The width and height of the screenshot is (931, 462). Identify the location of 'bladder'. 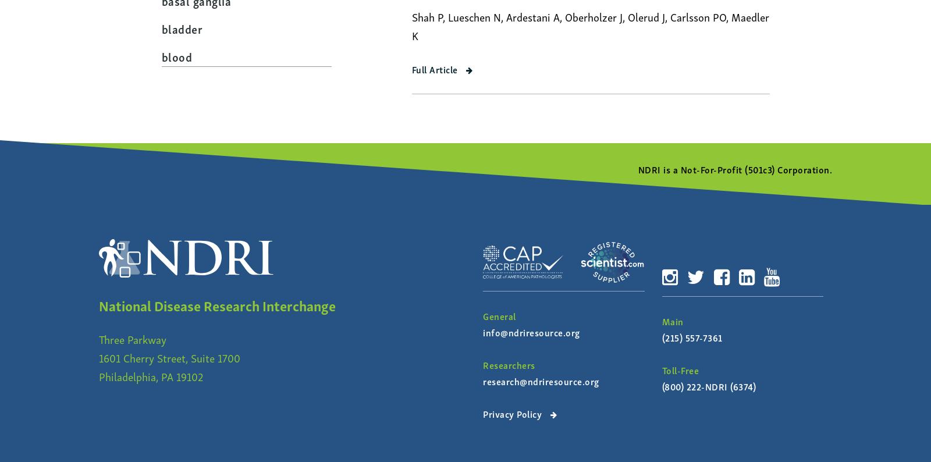
(161, 28).